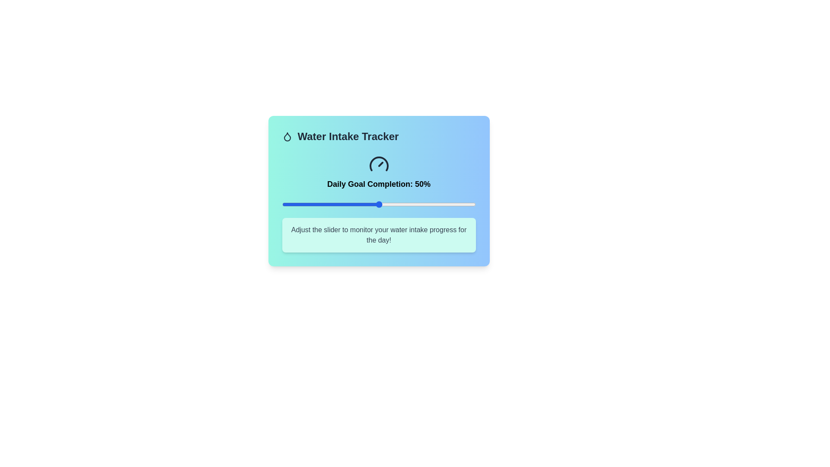 The width and height of the screenshot is (830, 467). Describe the element at coordinates (299, 205) in the screenshot. I see `the water intake tracker slider to 9%` at that location.